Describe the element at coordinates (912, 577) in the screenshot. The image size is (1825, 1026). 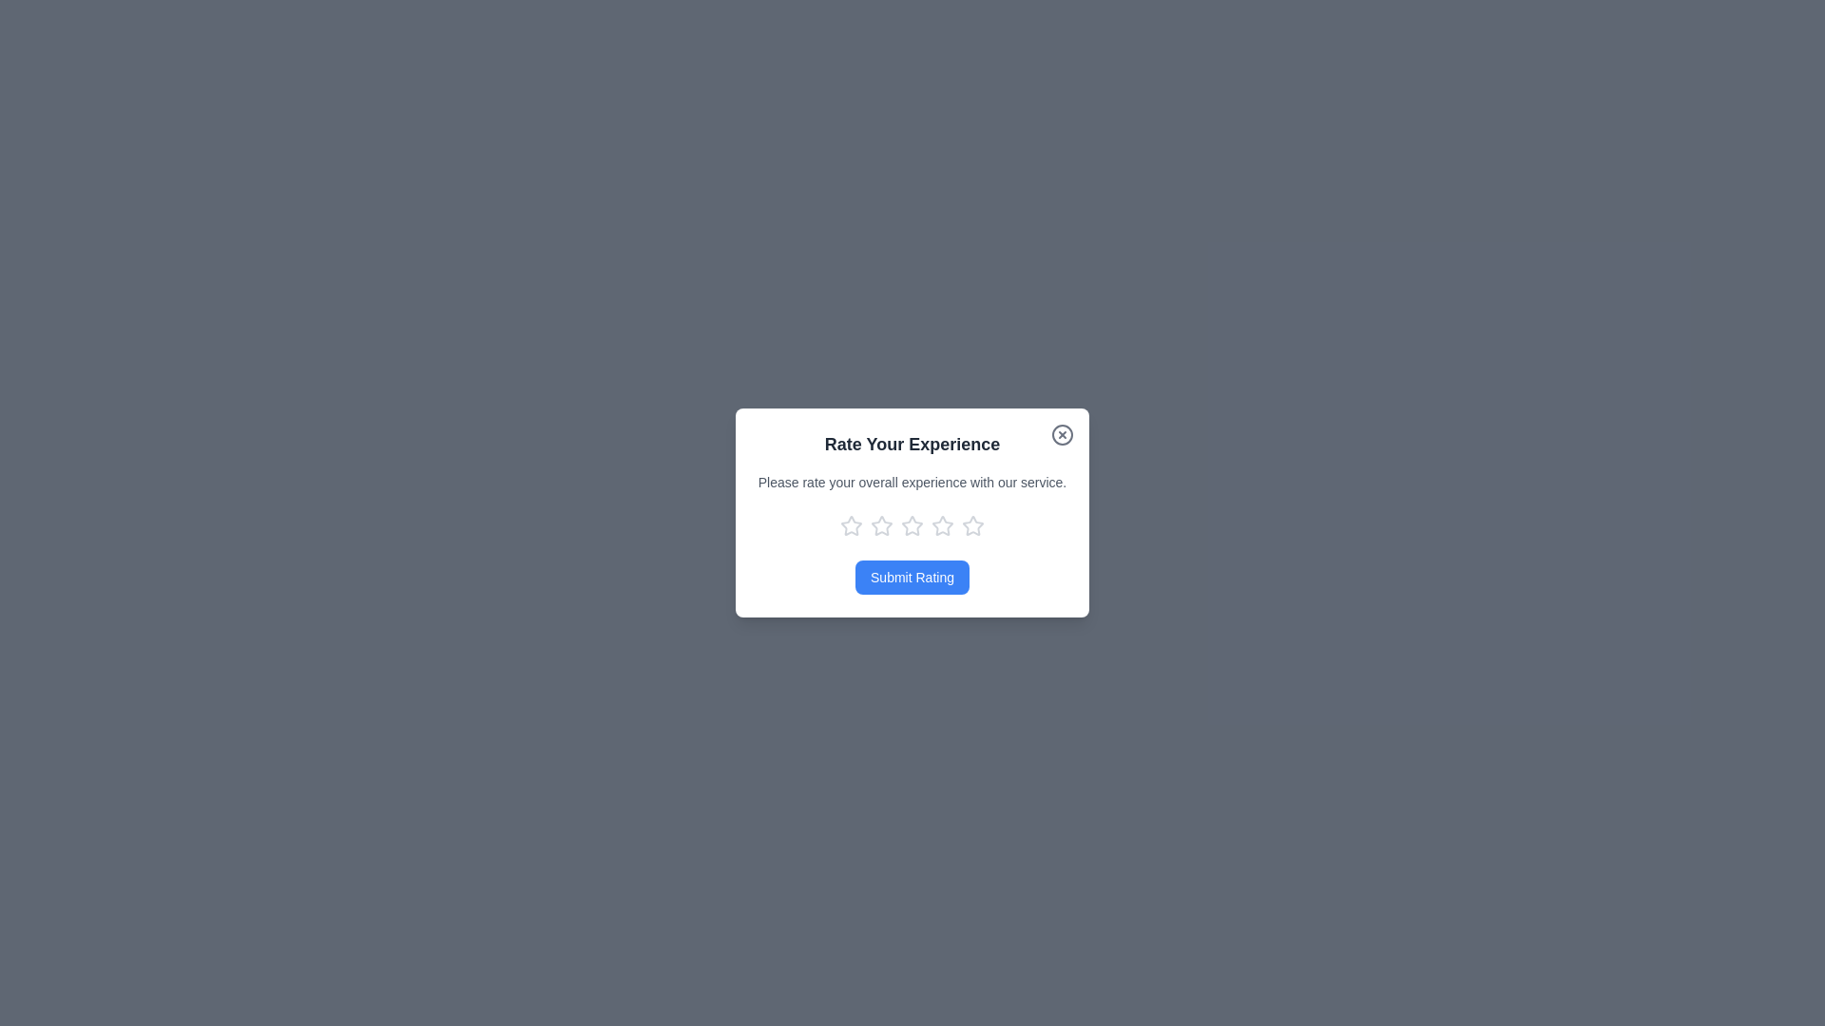
I see `'Submit Rating' button to submit the rating` at that location.